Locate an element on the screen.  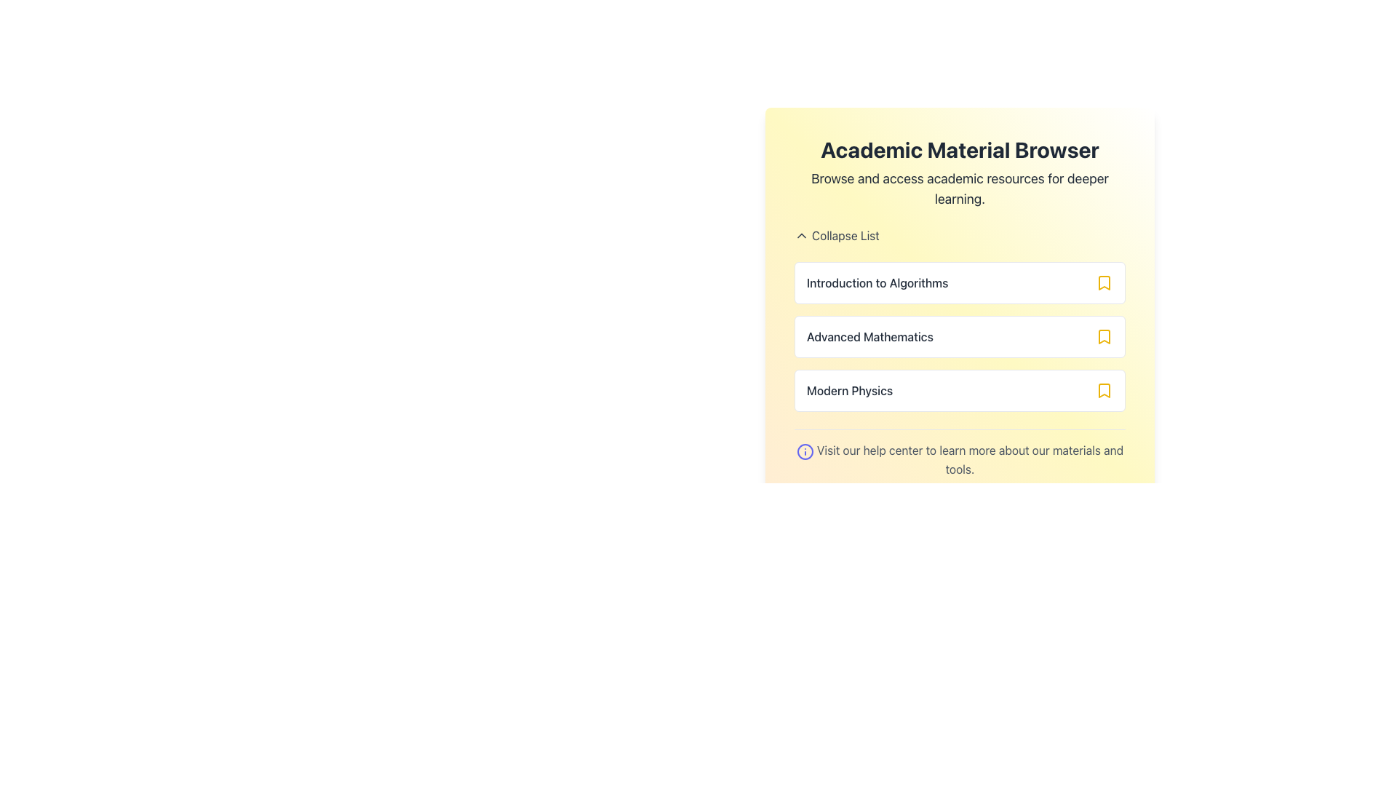
the 'Advanced Mathematics' text label, which is the second entry in a vertical list of academic subjects within a card-like interface is located at coordinates (869, 336).